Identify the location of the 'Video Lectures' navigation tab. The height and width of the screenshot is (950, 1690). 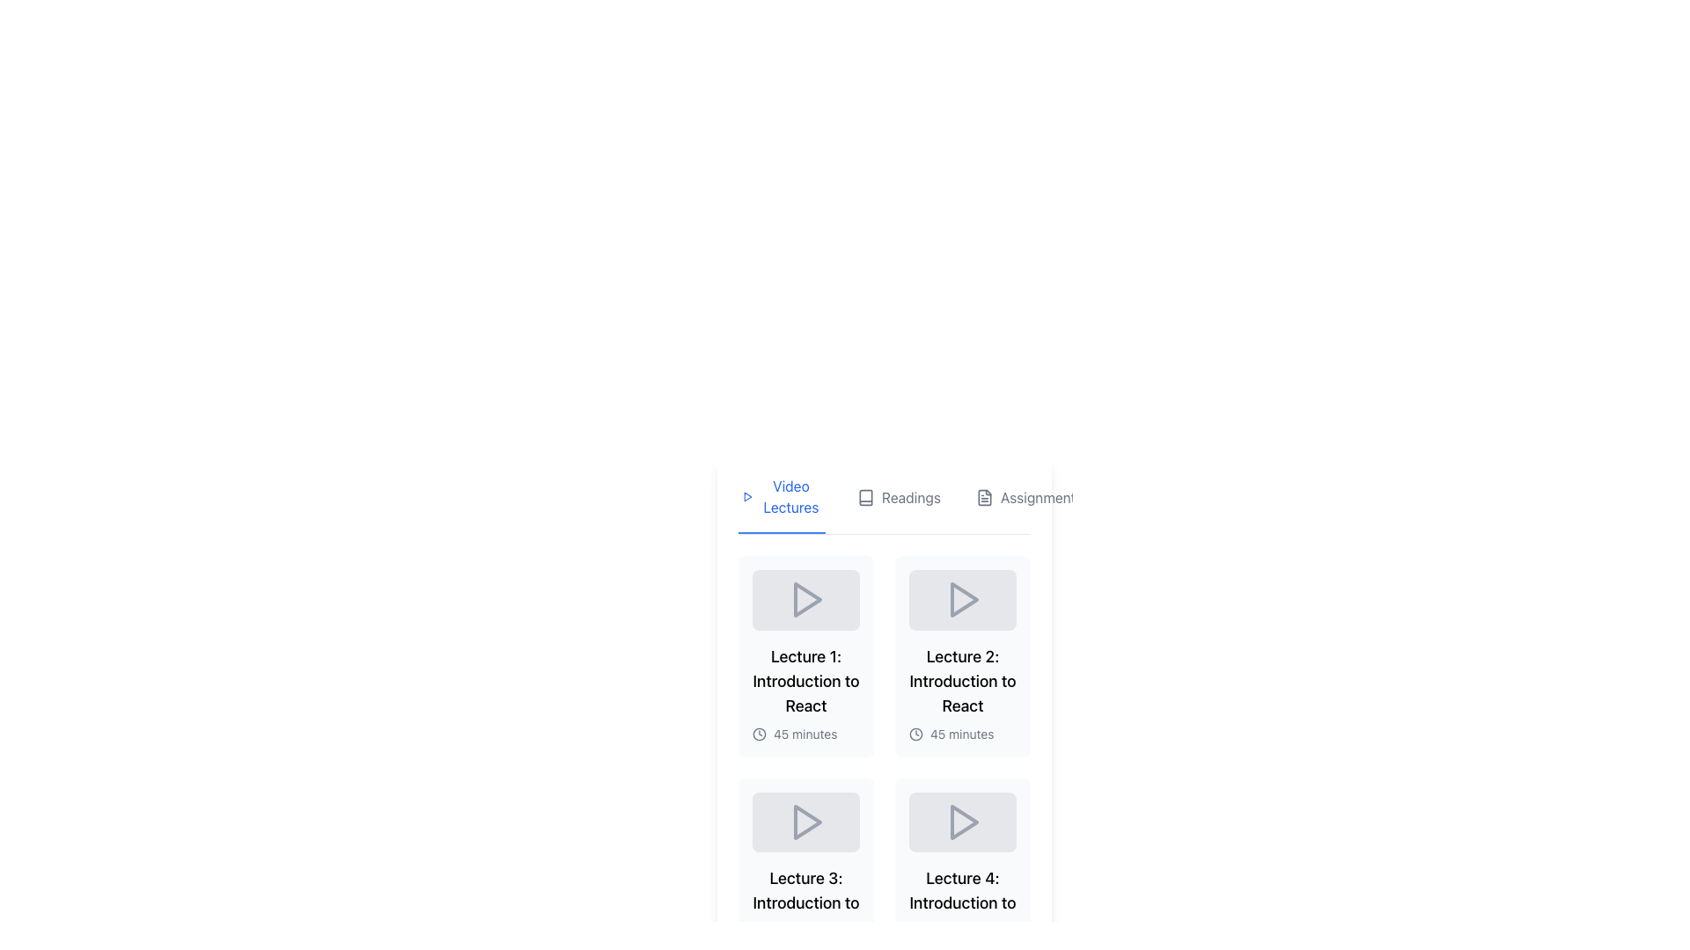
(781, 505).